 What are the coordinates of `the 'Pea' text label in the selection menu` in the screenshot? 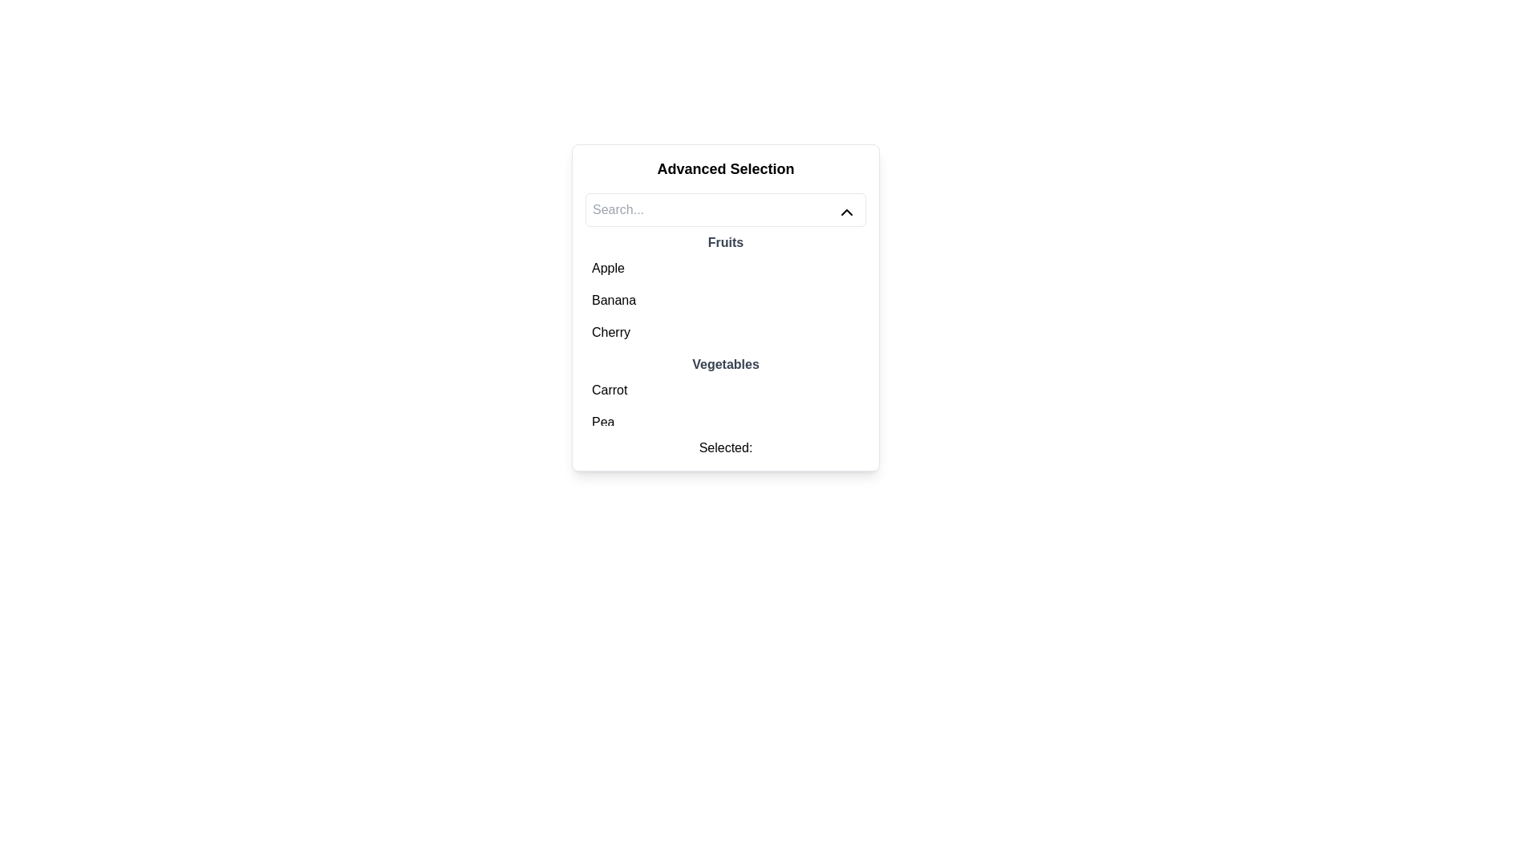 It's located at (602, 422).